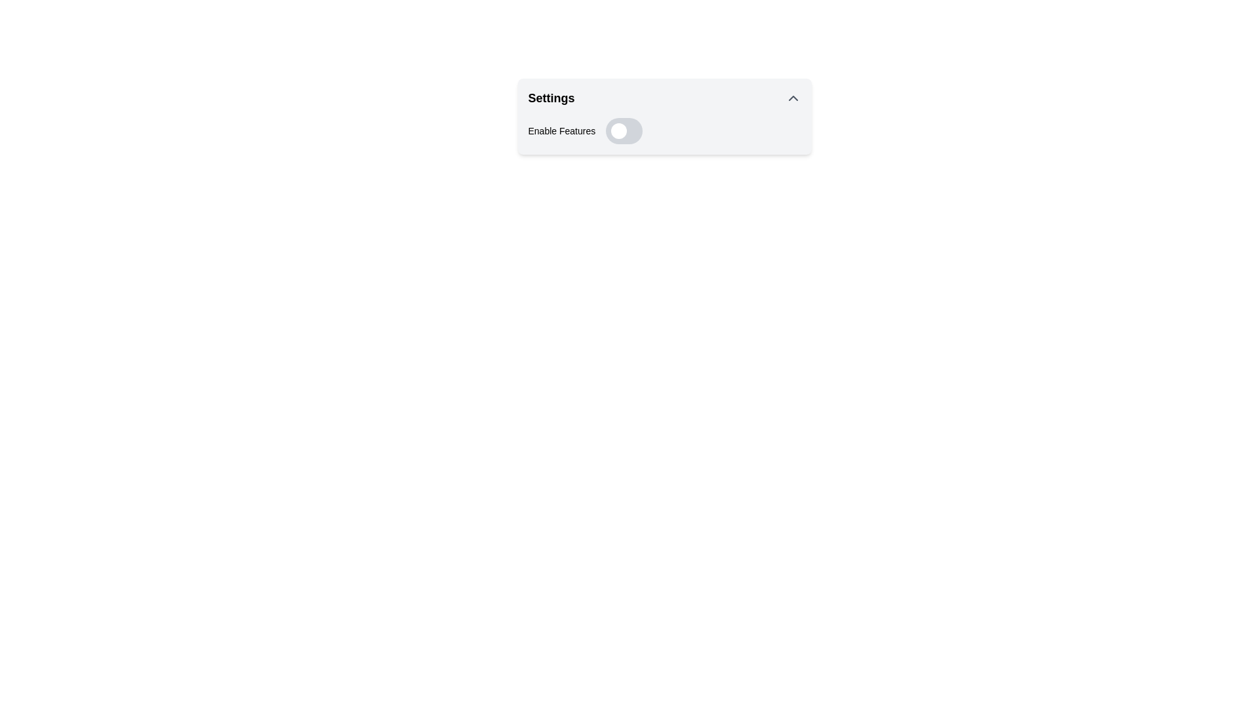 The height and width of the screenshot is (708, 1259). Describe the element at coordinates (624, 131) in the screenshot. I see `the toggle switch element located to the right of the 'Enable Features' label` at that location.